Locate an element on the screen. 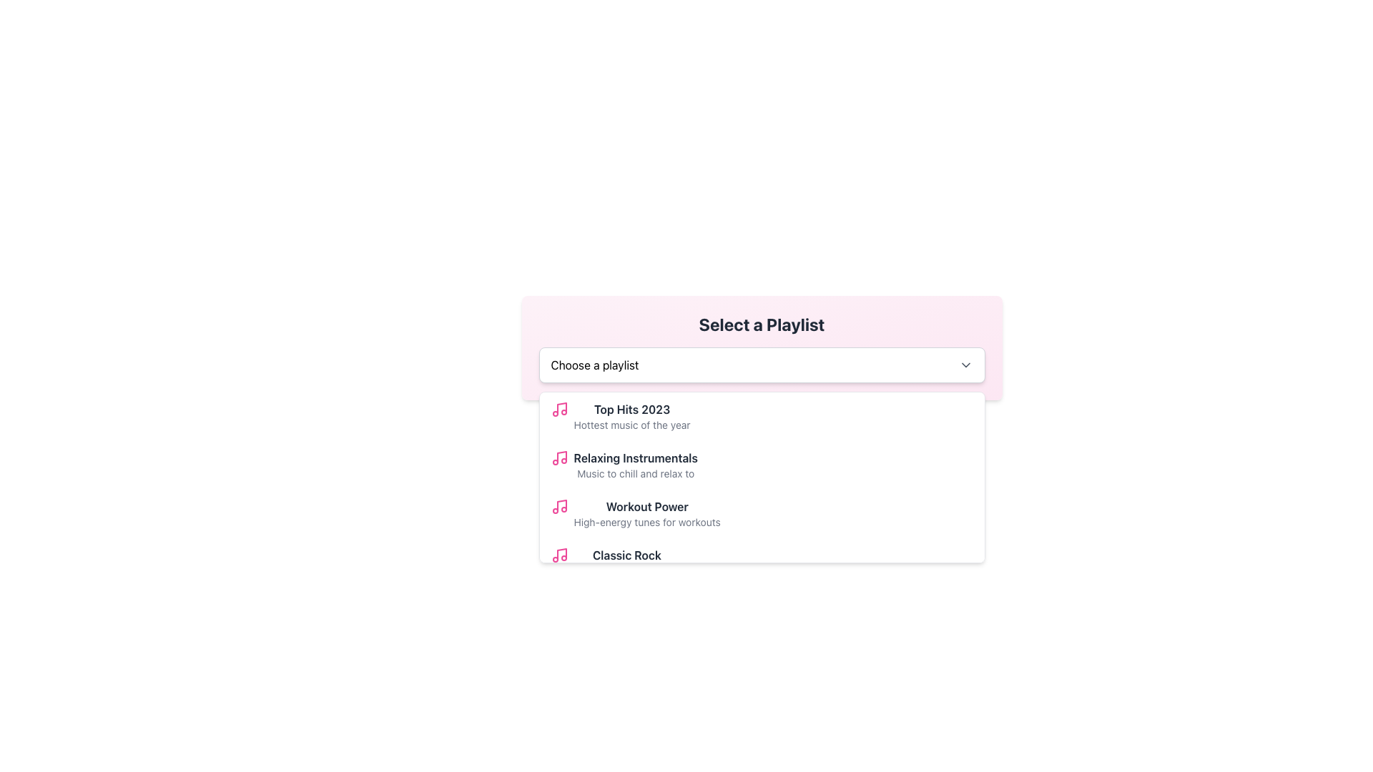 This screenshot has width=1373, height=772. the icon representing the playlist entry titled 'Relaxing Instrumentals' is located at coordinates (561, 457).